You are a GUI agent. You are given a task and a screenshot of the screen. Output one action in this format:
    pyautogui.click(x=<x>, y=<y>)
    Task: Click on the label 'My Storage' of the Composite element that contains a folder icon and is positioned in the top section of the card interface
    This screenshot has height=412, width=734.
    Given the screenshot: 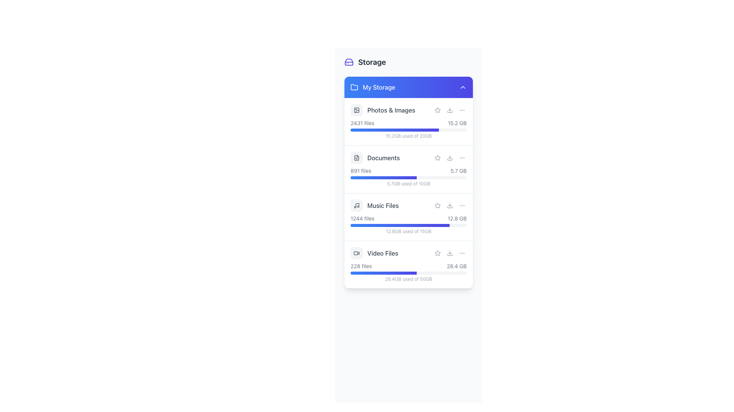 What is the action you would take?
    pyautogui.click(x=373, y=87)
    